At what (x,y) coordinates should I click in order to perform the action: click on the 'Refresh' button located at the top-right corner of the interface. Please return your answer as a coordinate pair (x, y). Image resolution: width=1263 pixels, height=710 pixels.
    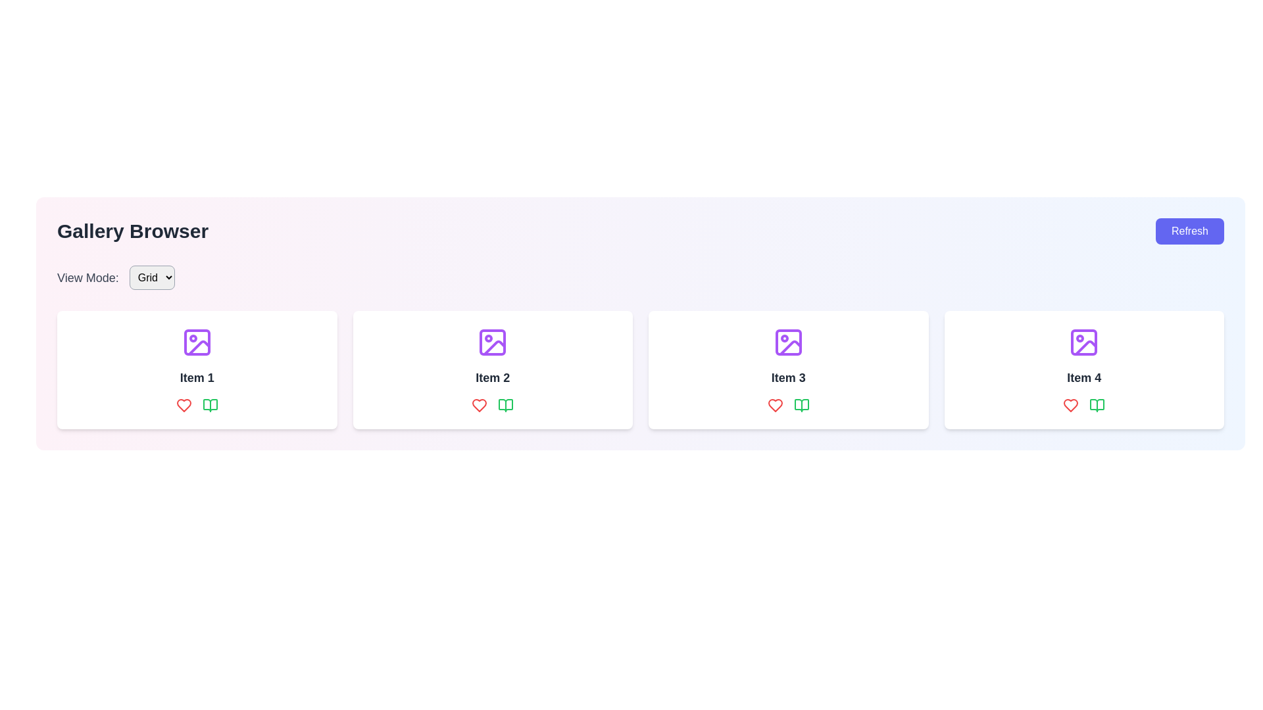
    Looking at the image, I should click on (1190, 230).